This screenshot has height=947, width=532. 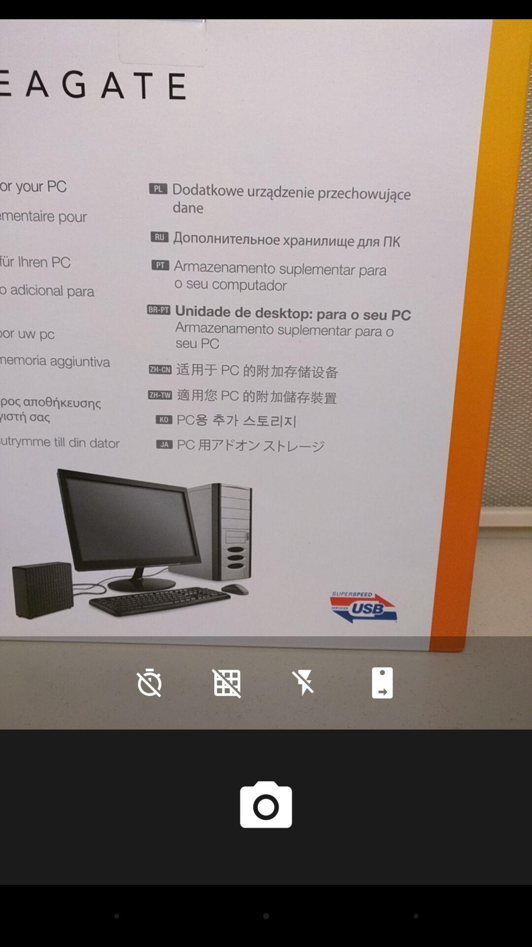 I want to click on the time icon, so click(x=149, y=682).